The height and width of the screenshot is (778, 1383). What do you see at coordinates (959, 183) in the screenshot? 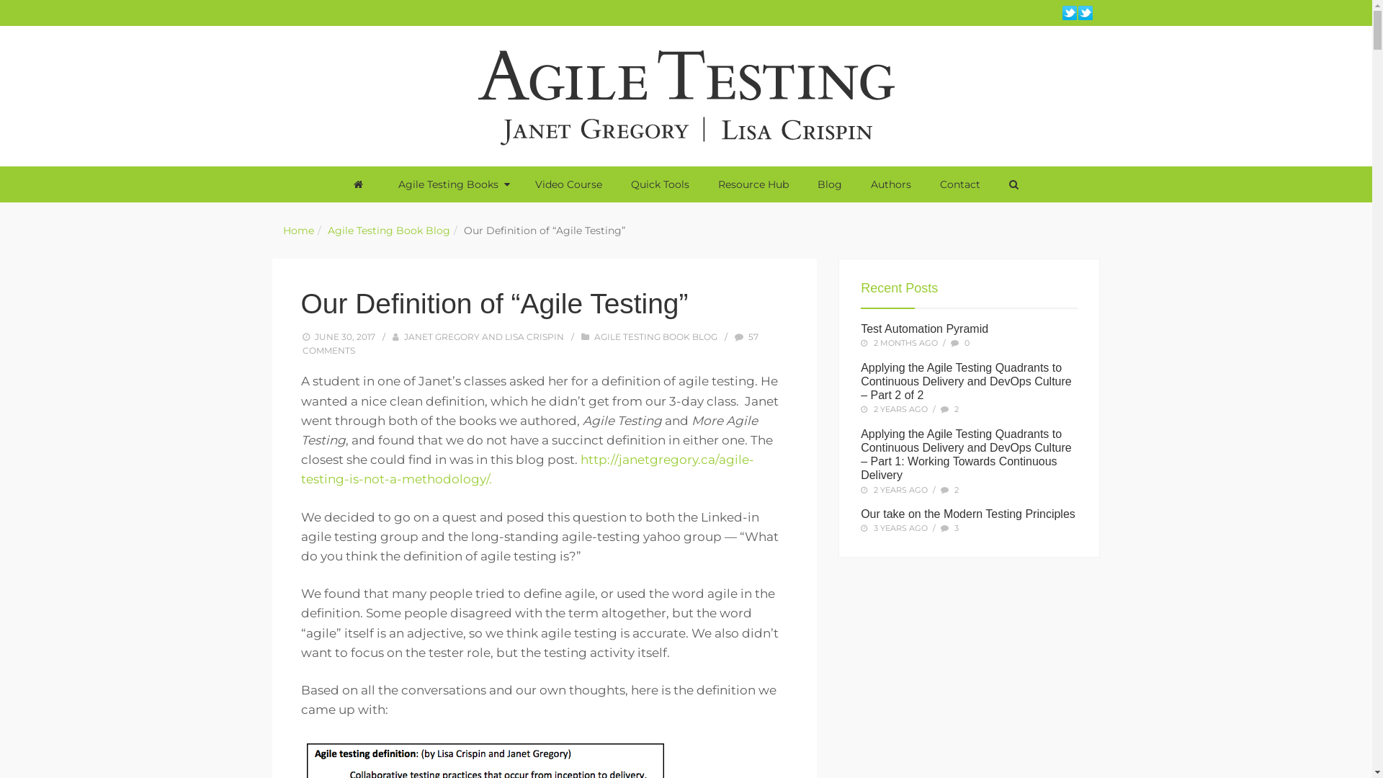
I see `'Contact'` at bounding box center [959, 183].